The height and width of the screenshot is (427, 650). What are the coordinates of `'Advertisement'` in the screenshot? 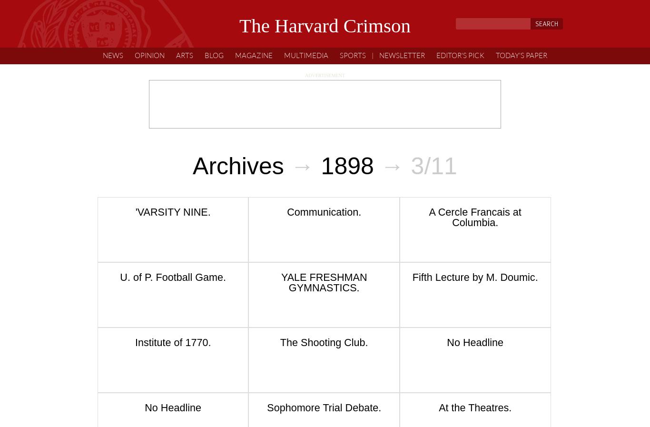 It's located at (305, 74).